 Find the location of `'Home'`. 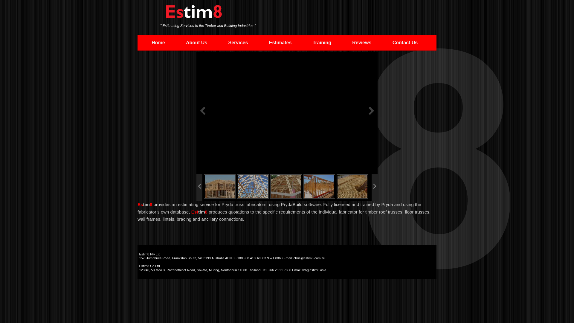

'Home' is located at coordinates (158, 42).